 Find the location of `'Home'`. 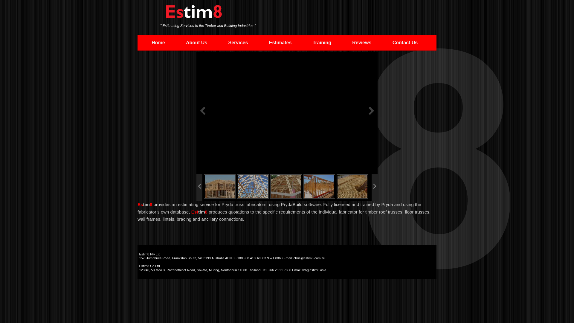

'Home' is located at coordinates (158, 42).